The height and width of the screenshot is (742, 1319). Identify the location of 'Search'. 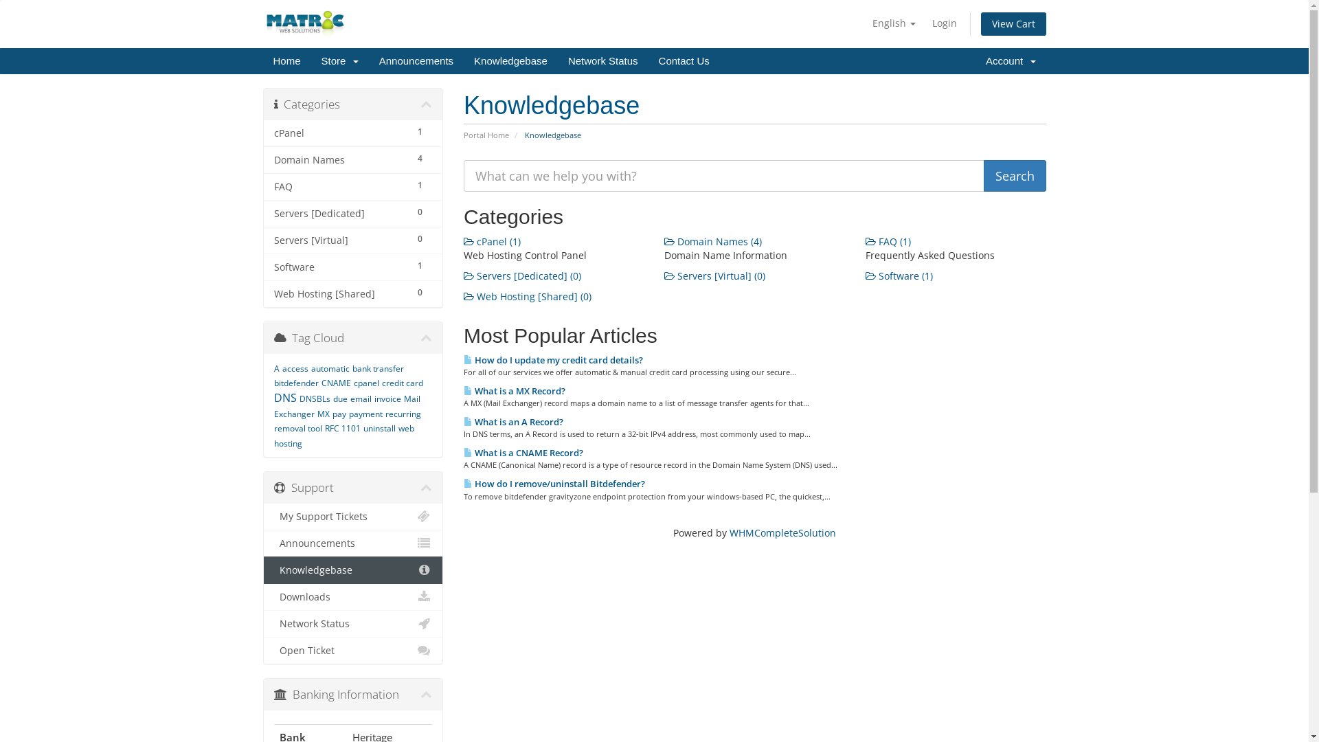
(1015, 175).